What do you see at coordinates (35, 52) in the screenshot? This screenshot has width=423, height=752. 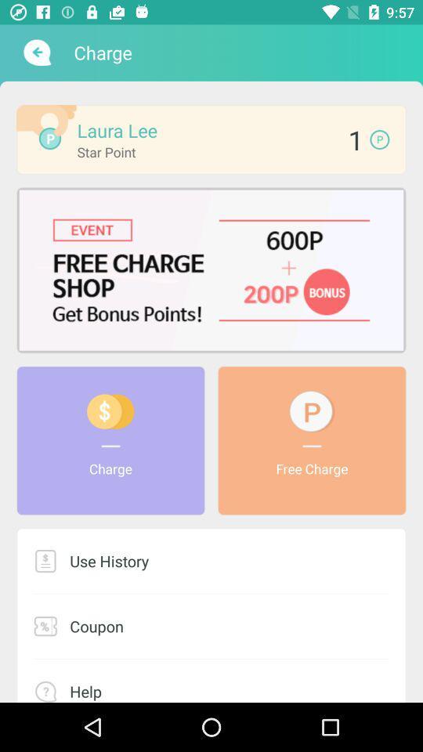 I see `the arrow_backward icon` at bounding box center [35, 52].